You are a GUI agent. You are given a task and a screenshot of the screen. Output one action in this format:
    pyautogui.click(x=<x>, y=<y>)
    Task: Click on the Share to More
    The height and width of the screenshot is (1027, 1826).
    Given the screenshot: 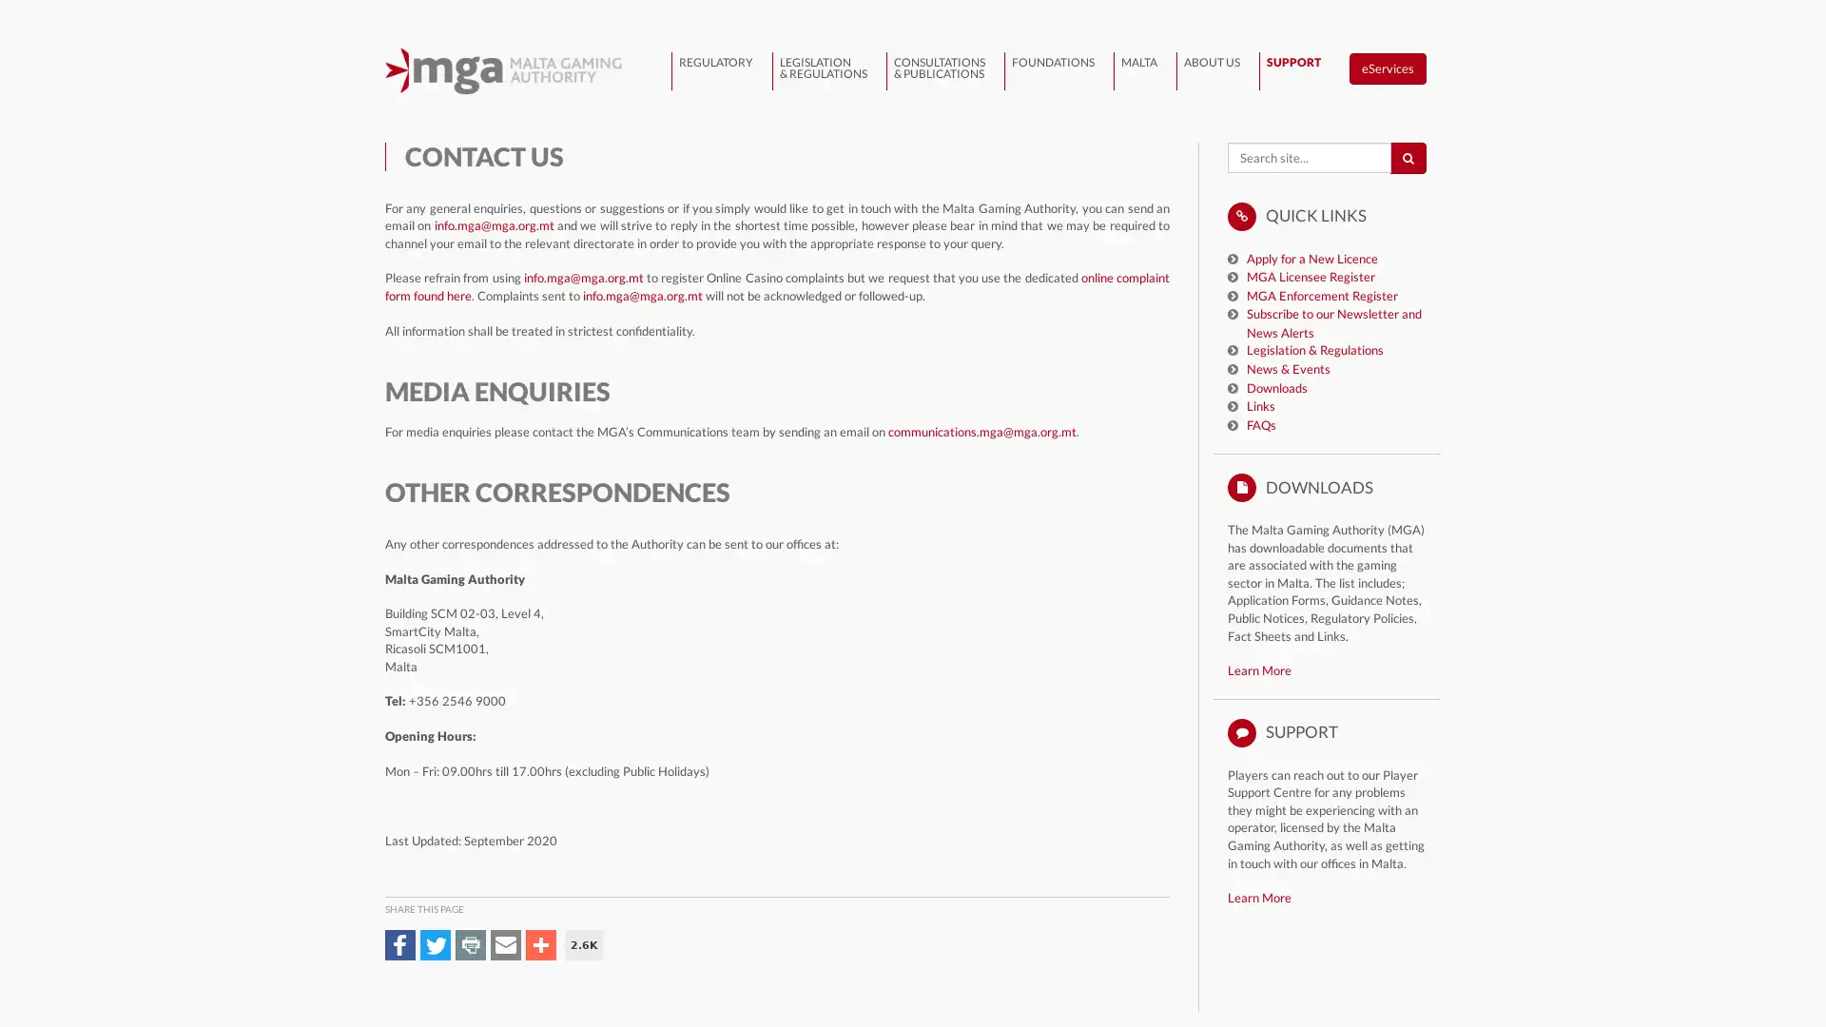 What is the action you would take?
    pyautogui.click(x=540, y=945)
    